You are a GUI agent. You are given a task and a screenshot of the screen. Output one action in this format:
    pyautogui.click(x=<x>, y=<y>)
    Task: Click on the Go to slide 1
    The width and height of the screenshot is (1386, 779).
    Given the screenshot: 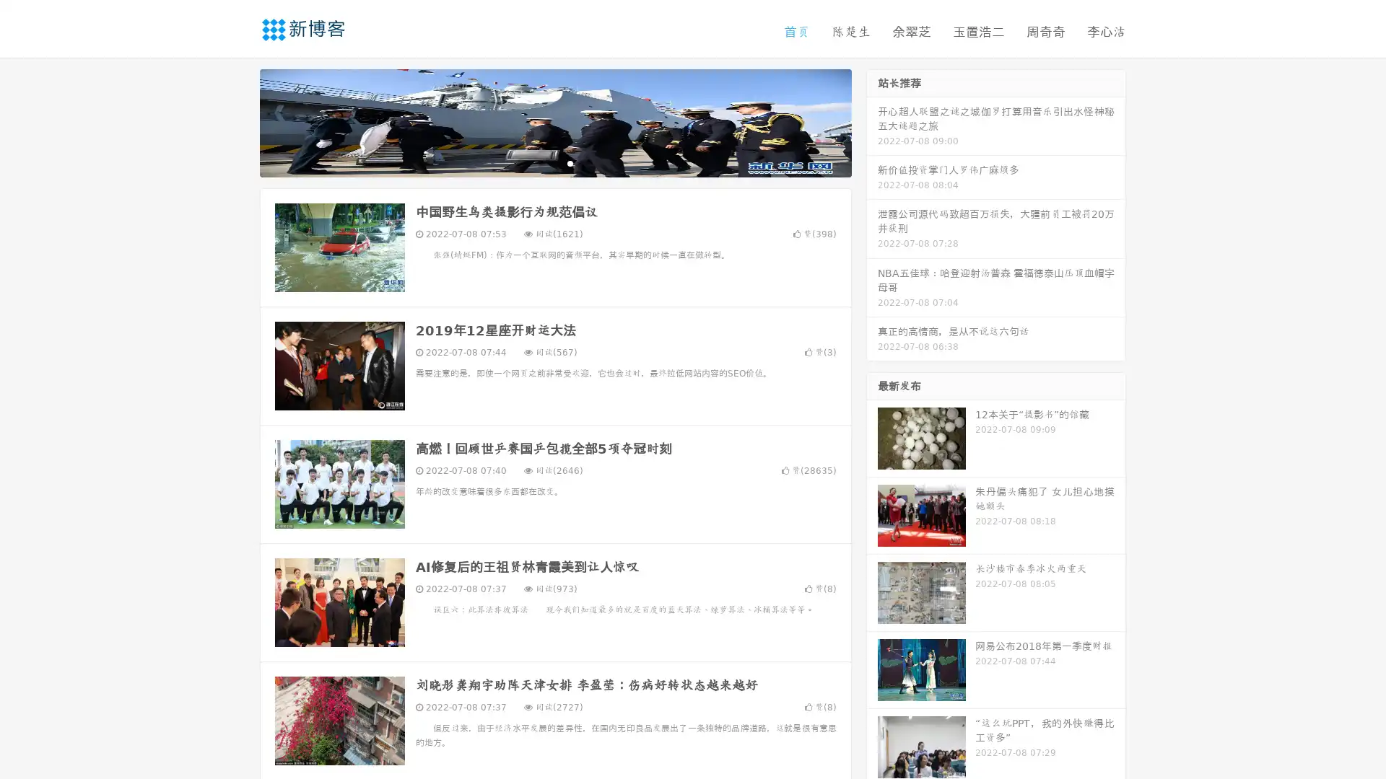 What is the action you would take?
    pyautogui.click(x=540, y=162)
    